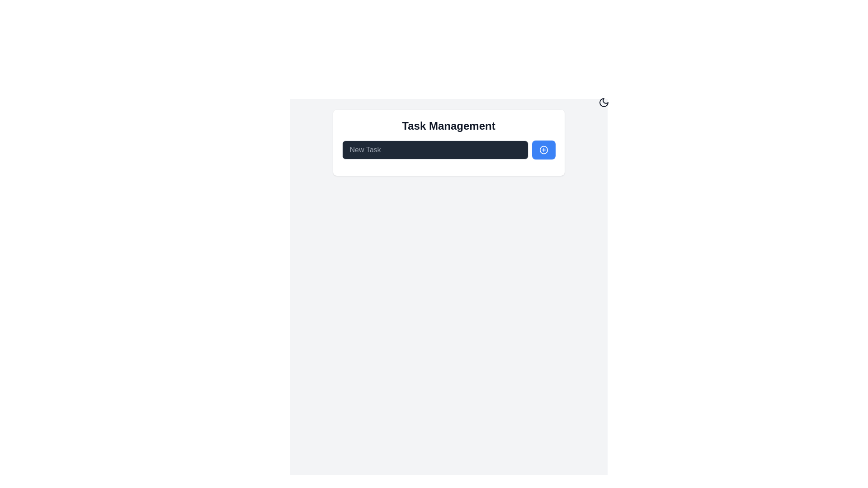 This screenshot has height=488, width=868. I want to click on the blue button with a white text and a '+' icon, so click(543, 149).